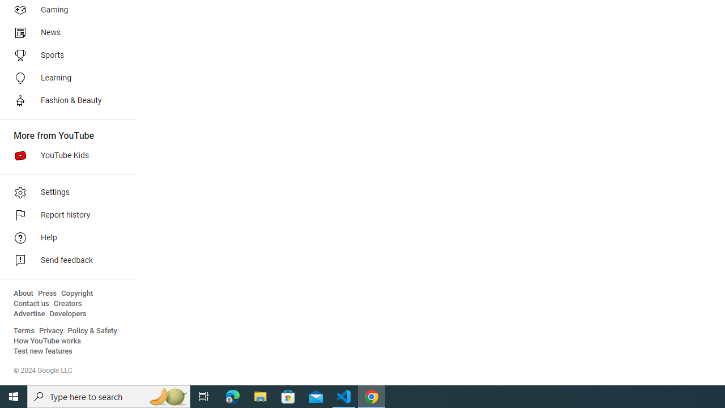 The height and width of the screenshot is (408, 725). I want to click on 'Test new features', so click(43, 351).